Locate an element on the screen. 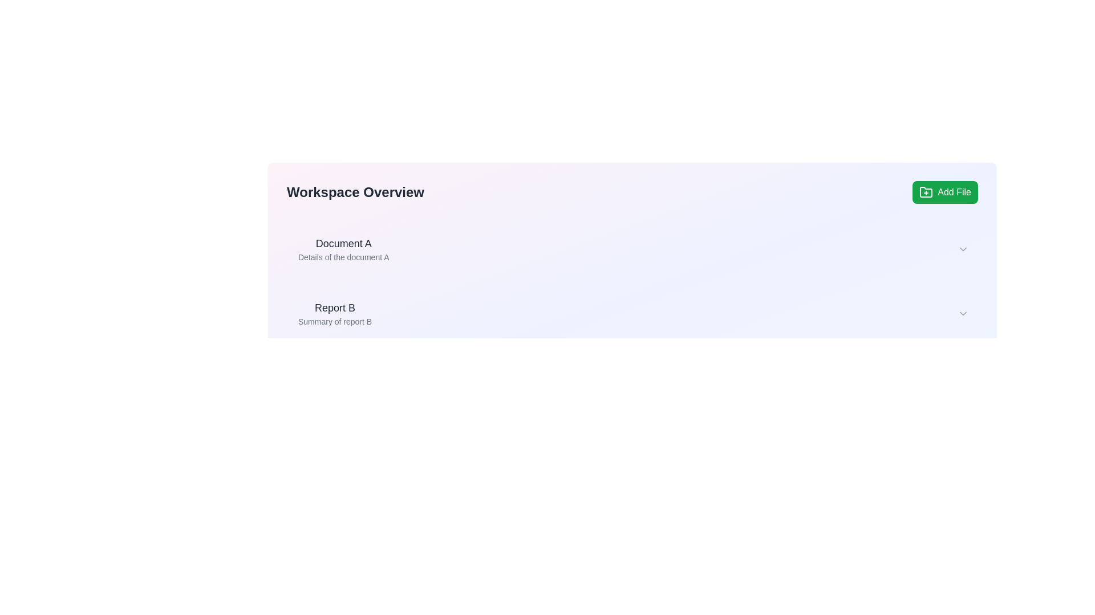  the medium-sized text element labeled 'Report B', which is styled in bold and positioned above the descriptive text 'Summary of report B' is located at coordinates (334, 307).